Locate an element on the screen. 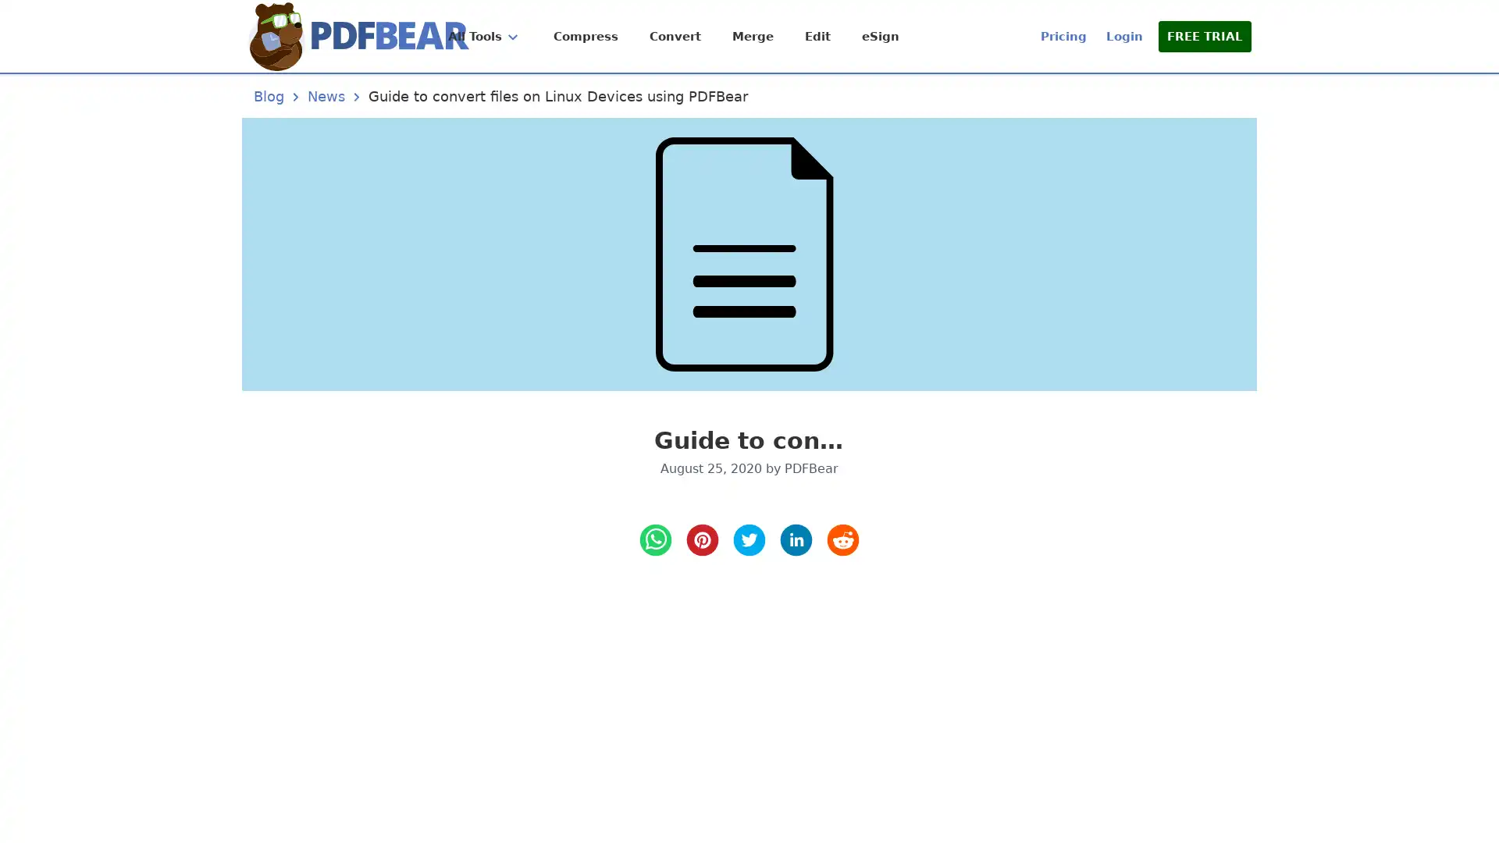 This screenshot has width=1499, height=843. whatsapp is located at coordinates (656, 539).